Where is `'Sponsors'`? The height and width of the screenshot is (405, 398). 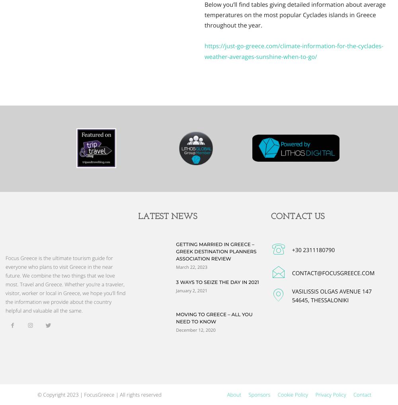
'Sponsors' is located at coordinates (248, 394).